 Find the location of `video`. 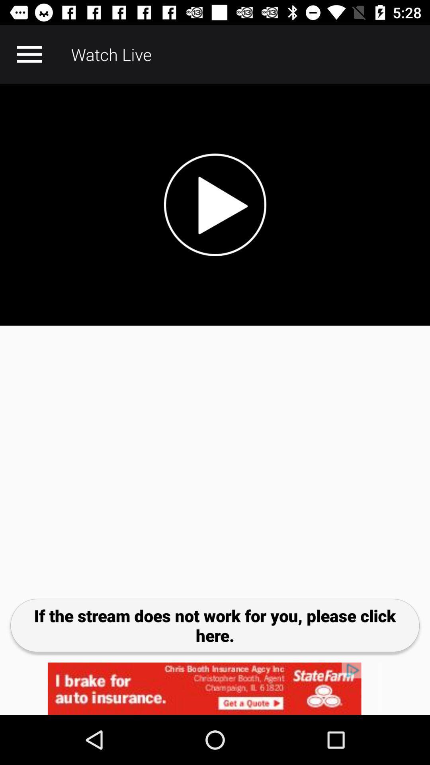

video is located at coordinates (215, 204).